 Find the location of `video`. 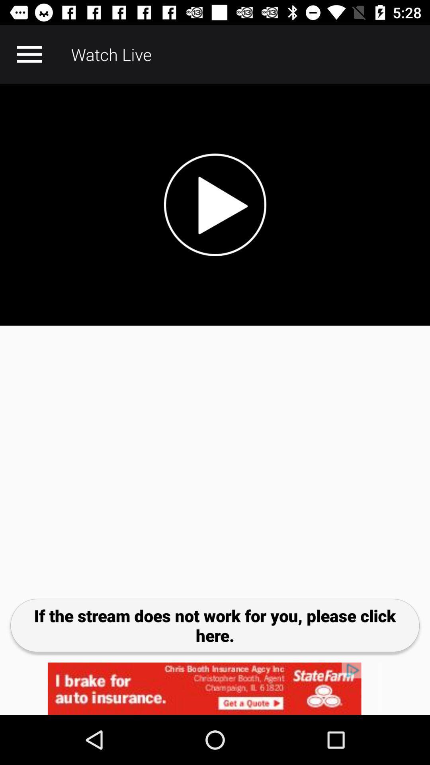

video is located at coordinates (215, 204).